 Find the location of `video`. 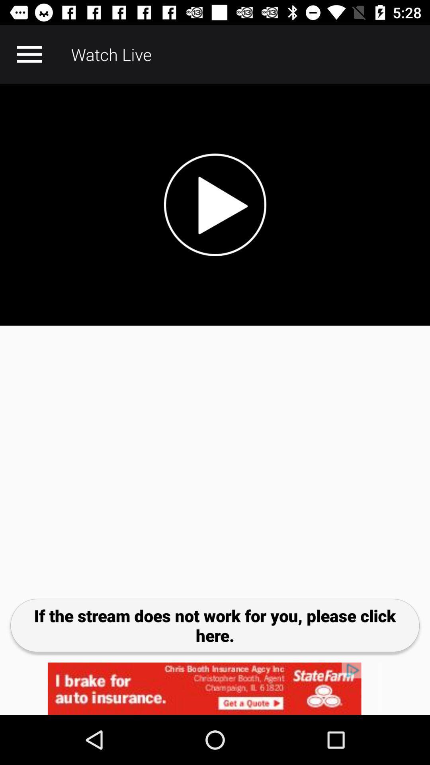

video is located at coordinates (215, 204).